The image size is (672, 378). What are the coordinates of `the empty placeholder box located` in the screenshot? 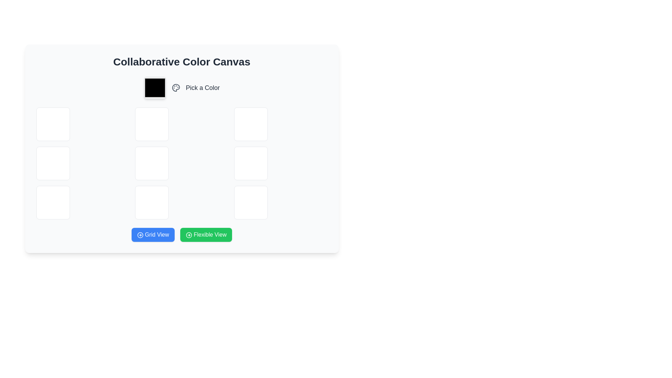 It's located at (152, 163).